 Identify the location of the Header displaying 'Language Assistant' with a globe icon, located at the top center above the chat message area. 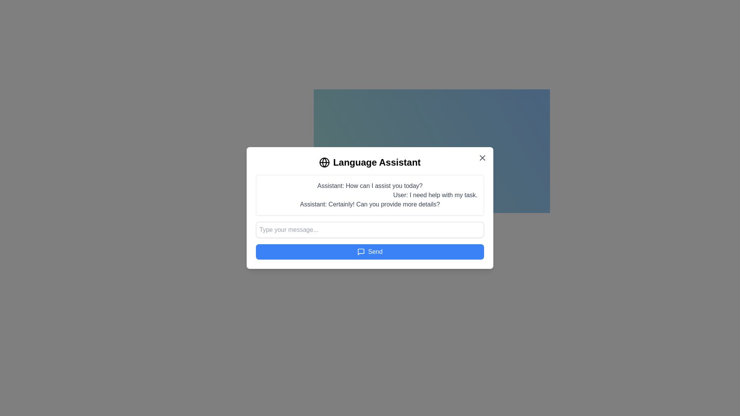
(370, 162).